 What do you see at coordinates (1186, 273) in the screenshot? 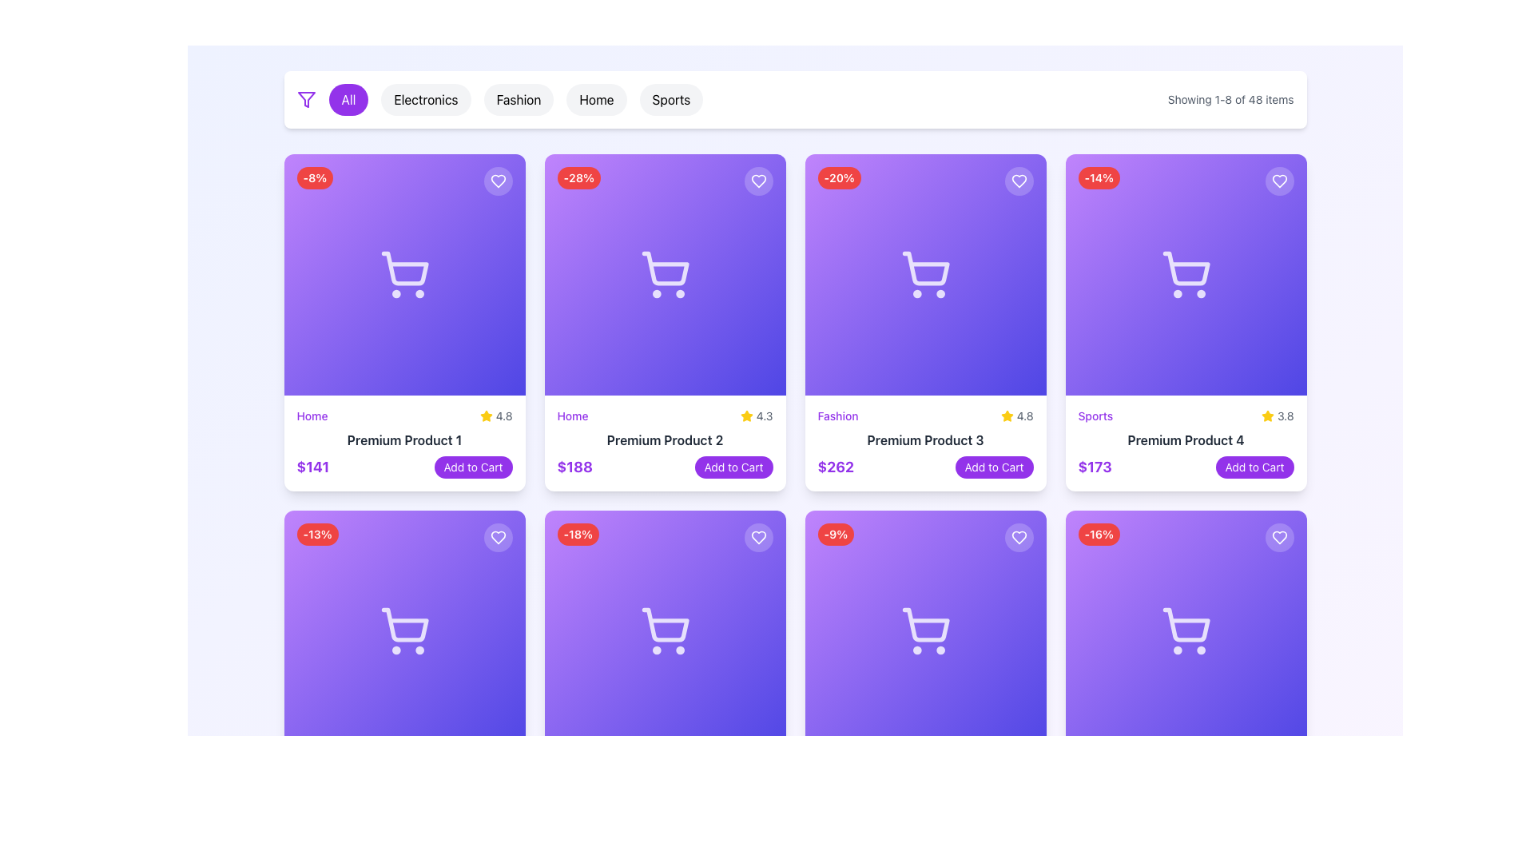
I see `the shopping cart icon, which is outlined in white and set against a purple gradient background, located within a purple card in the grid layout` at bounding box center [1186, 273].